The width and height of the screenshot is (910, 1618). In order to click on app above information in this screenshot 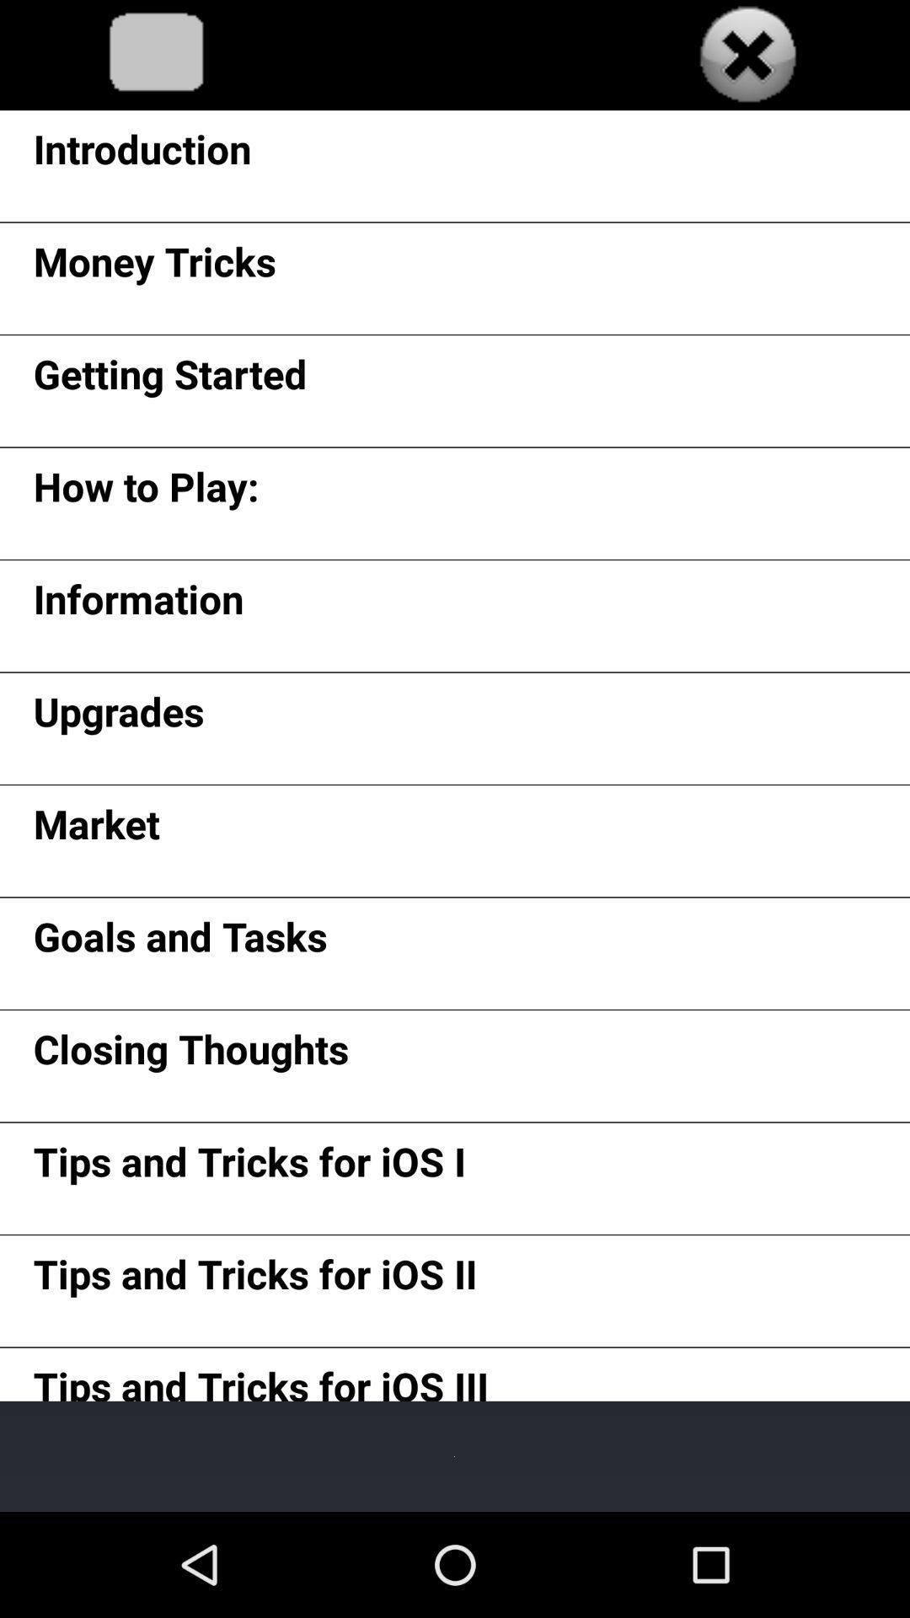, I will do `click(145, 491)`.